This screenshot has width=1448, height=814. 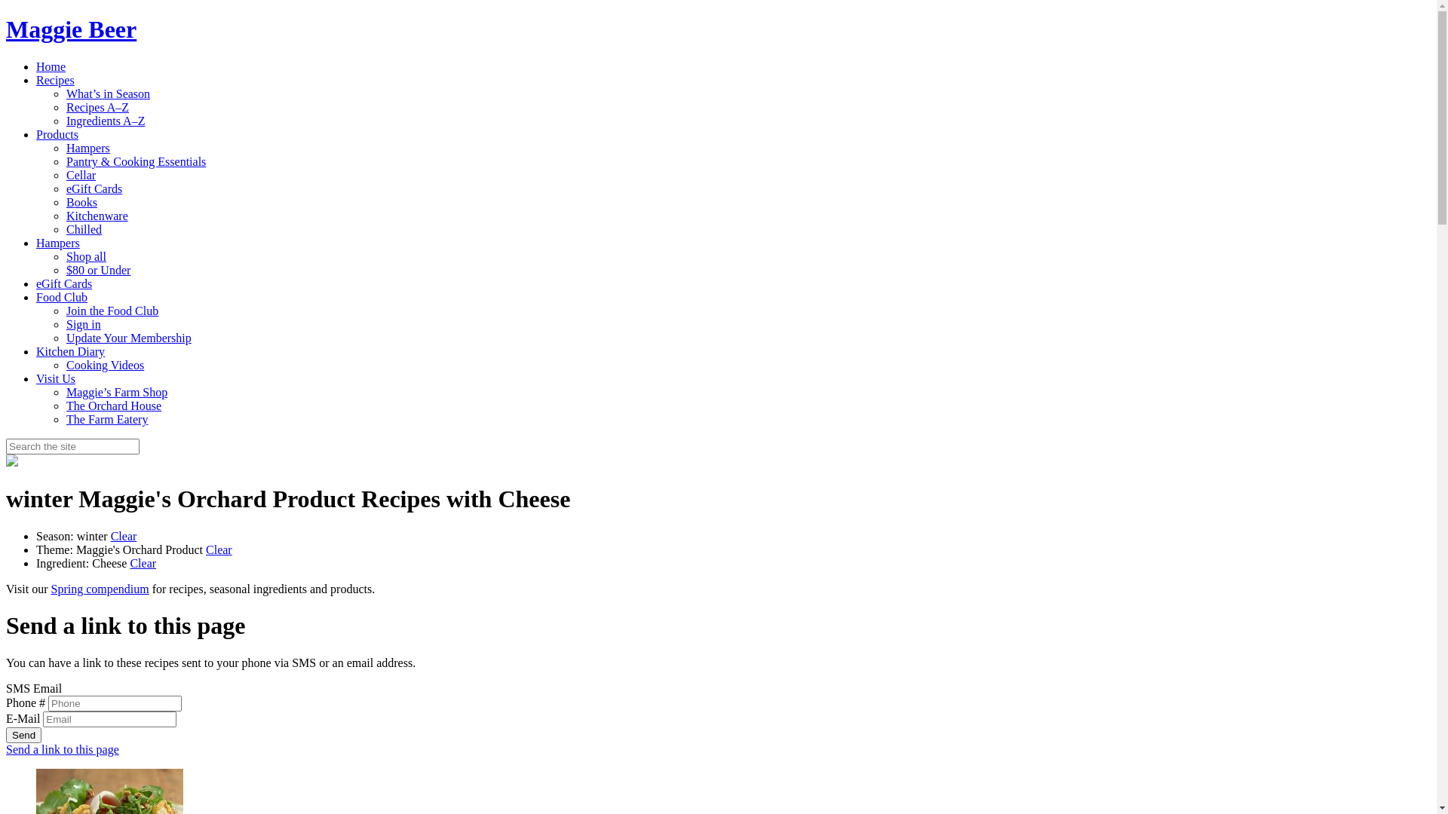 What do you see at coordinates (70, 29) in the screenshot?
I see `'Maggie Beer'` at bounding box center [70, 29].